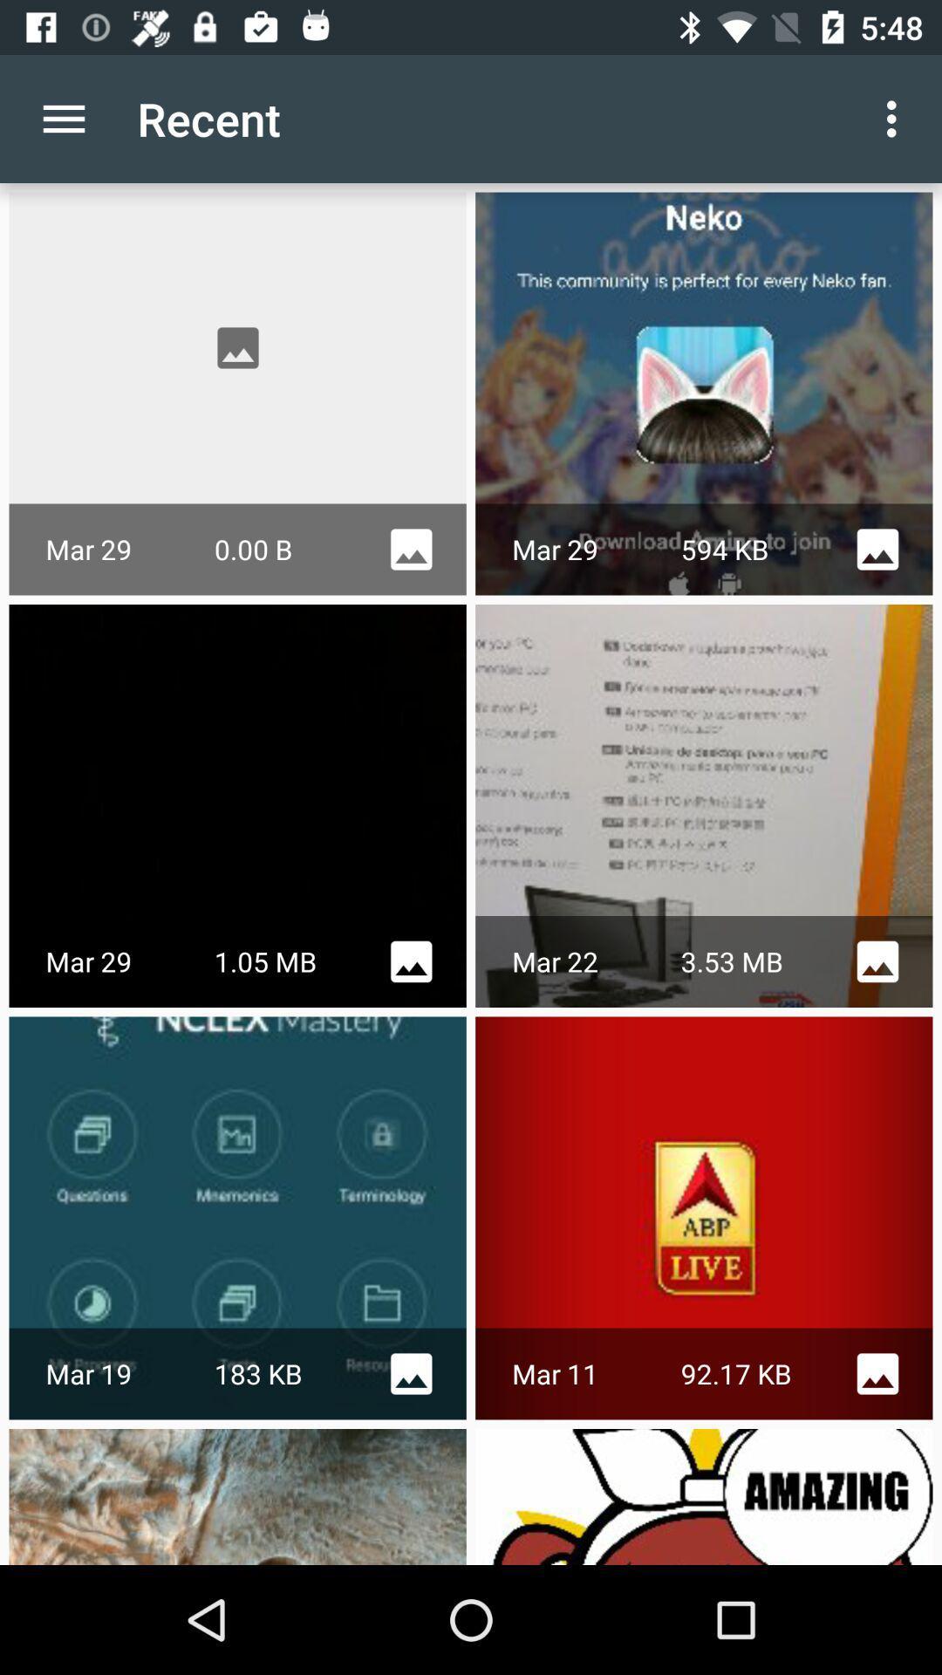  Describe the element at coordinates (238, 1495) in the screenshot. I see `the seventh box` at that location.